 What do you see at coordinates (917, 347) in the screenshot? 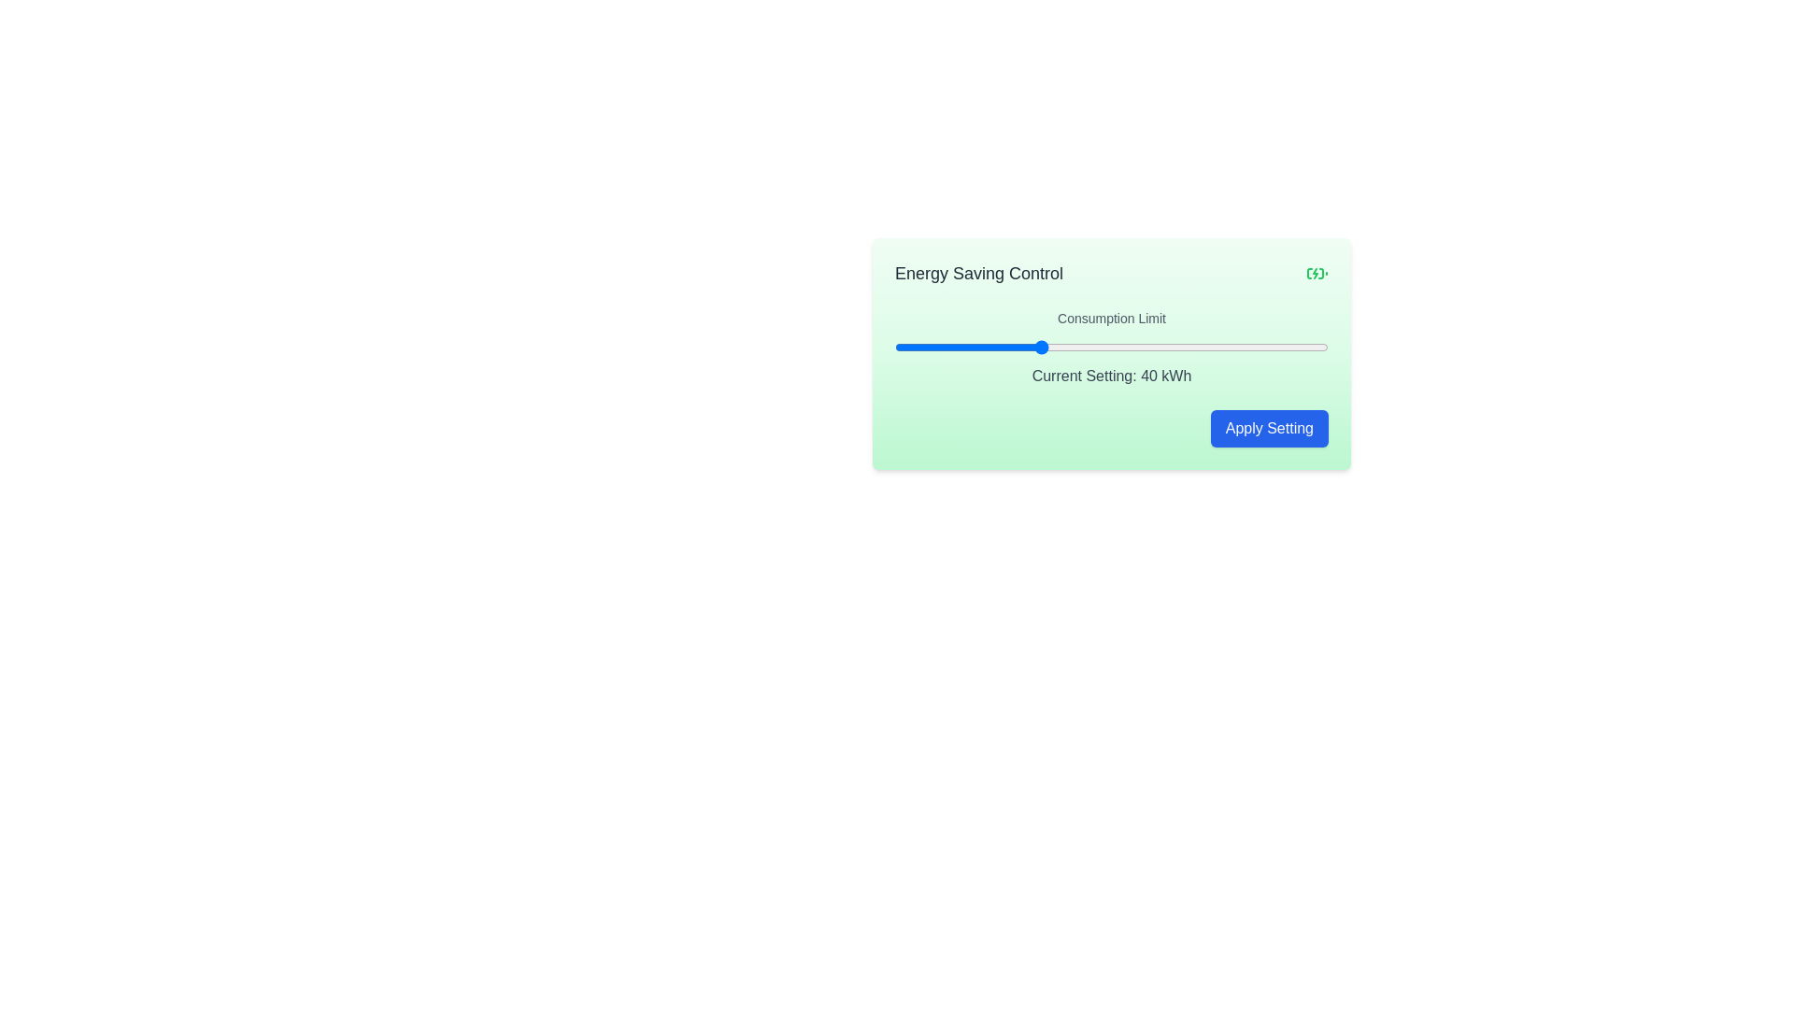
I see `the consumption limit slider to set the value to 23` at bounding box center [917, 347].